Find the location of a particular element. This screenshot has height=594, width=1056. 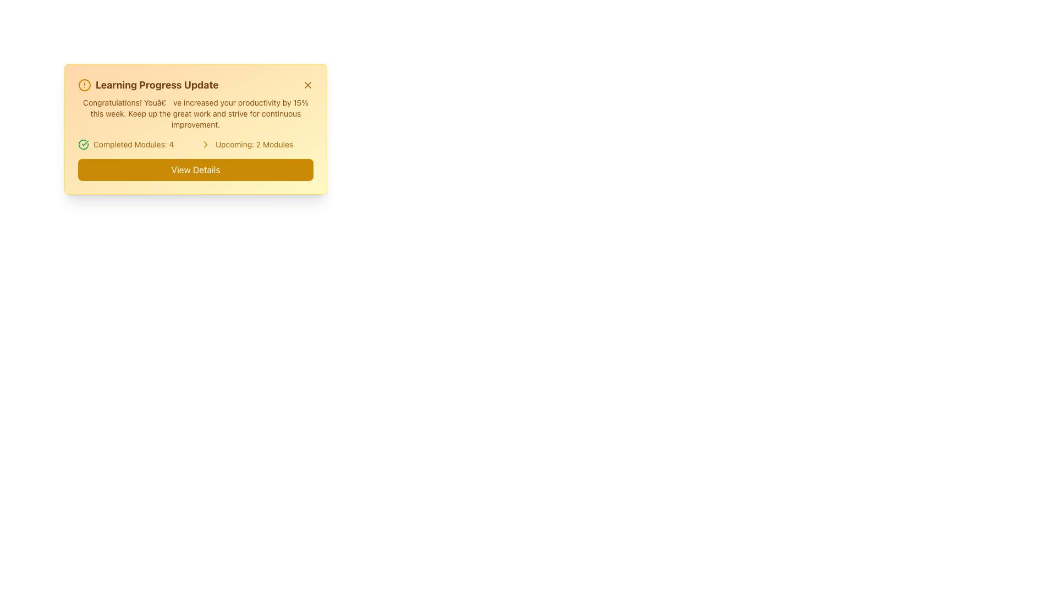

the header text label reading 'Learning Progress Update' to interpret the message is located at coordinates (195, 84).